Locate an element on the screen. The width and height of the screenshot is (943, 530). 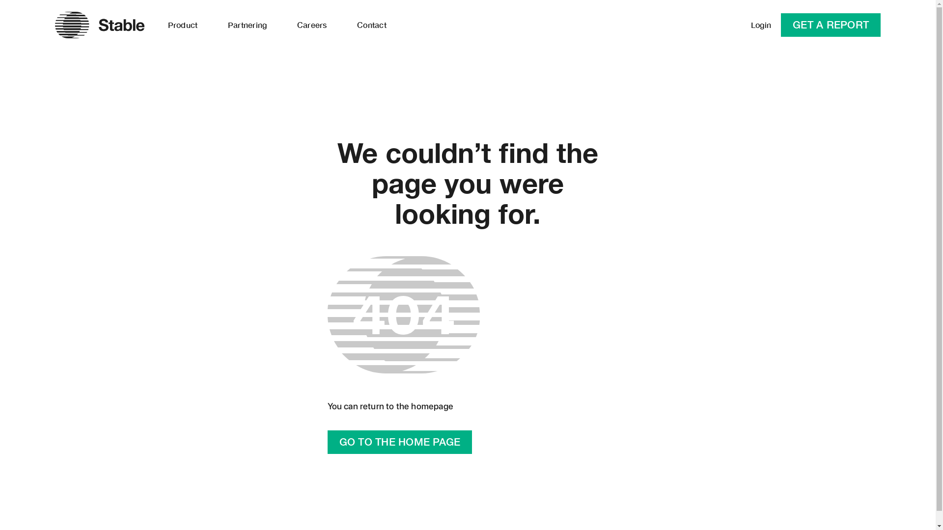
'Partnering' is located at coordinates (247, 24).